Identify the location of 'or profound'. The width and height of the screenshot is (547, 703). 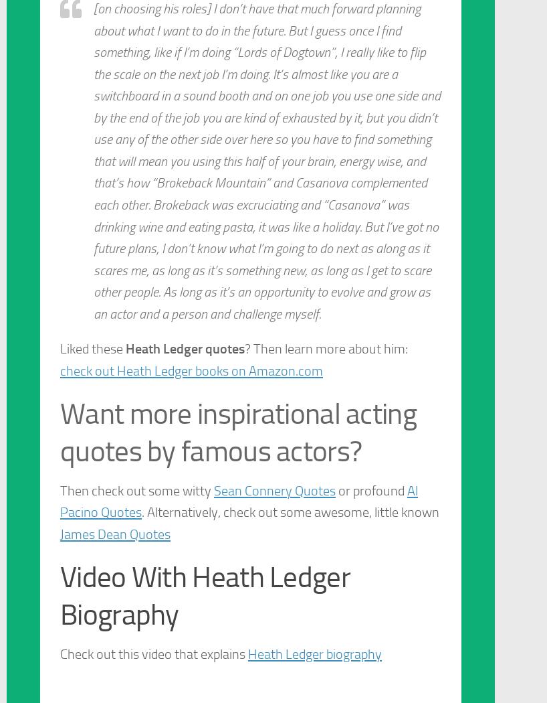
(370, 489).